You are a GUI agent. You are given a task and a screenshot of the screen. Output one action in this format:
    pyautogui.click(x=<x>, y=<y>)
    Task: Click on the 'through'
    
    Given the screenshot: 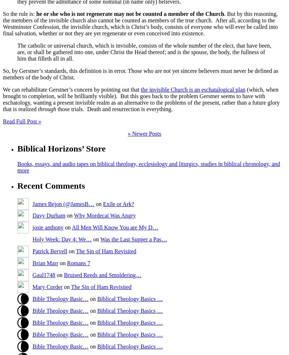 What is the action you would take?
    pyautogui.click(x=47, y=108)
    